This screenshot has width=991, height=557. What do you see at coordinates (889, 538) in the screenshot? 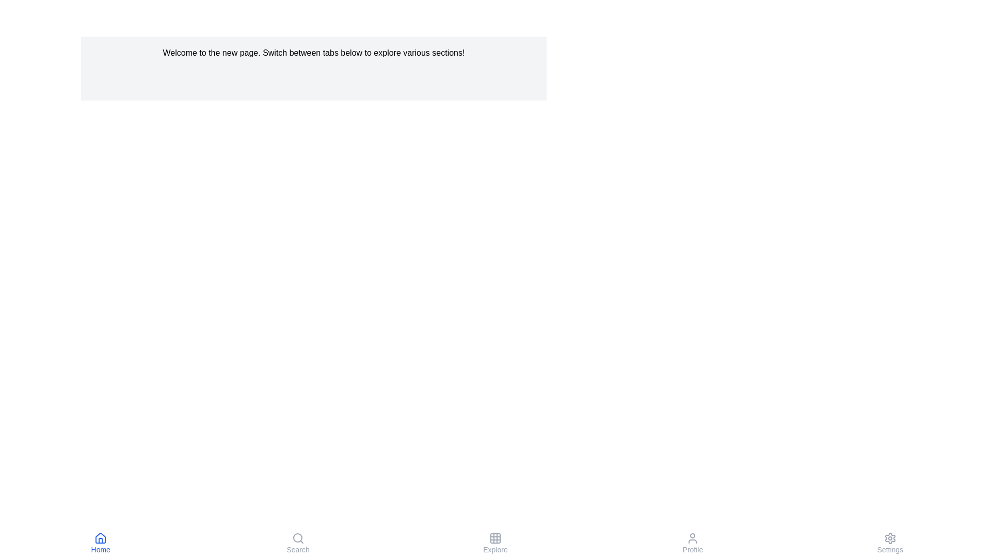
I see `the gear icon on the far right side of the bottom navigation bar` at bounding box center [889, 538].